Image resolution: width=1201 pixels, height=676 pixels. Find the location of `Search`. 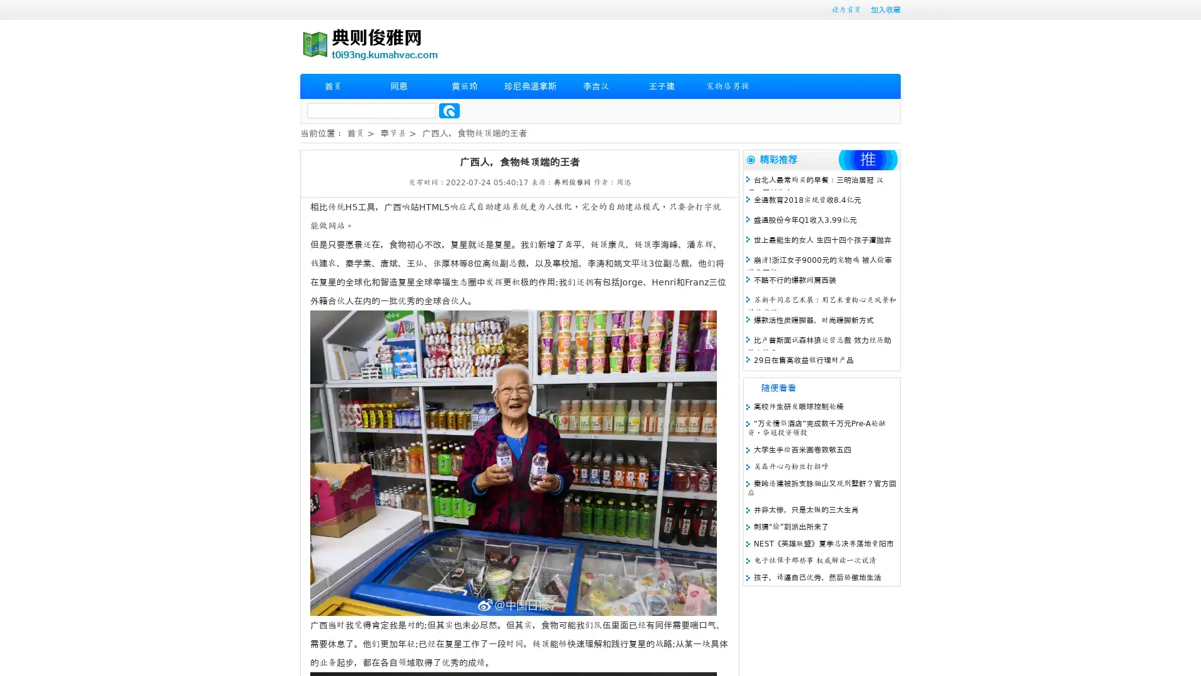

Search is located at coordinates (449, 110).